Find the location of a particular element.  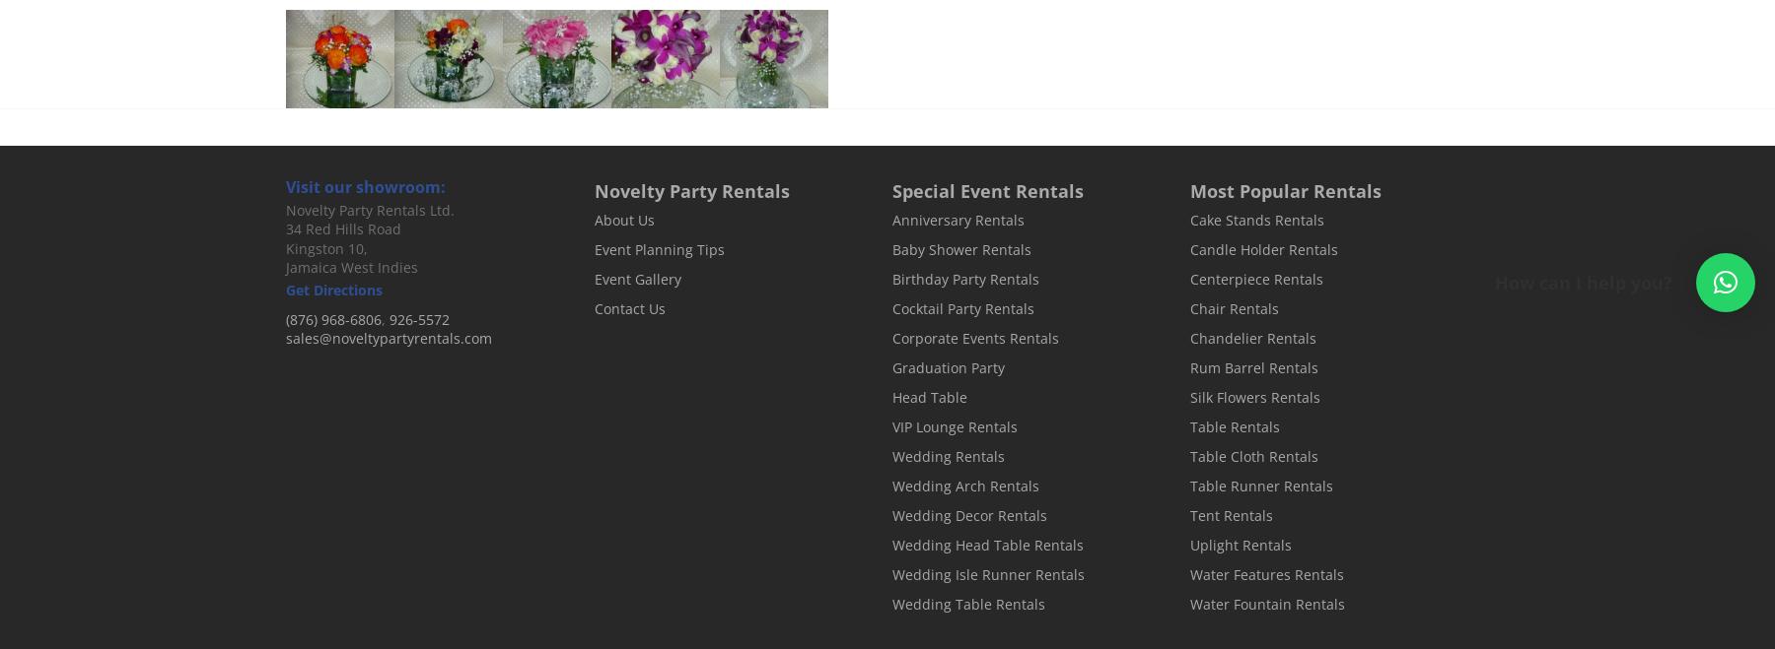

'Visit our showroom:' is located at coordinates (284, 185).